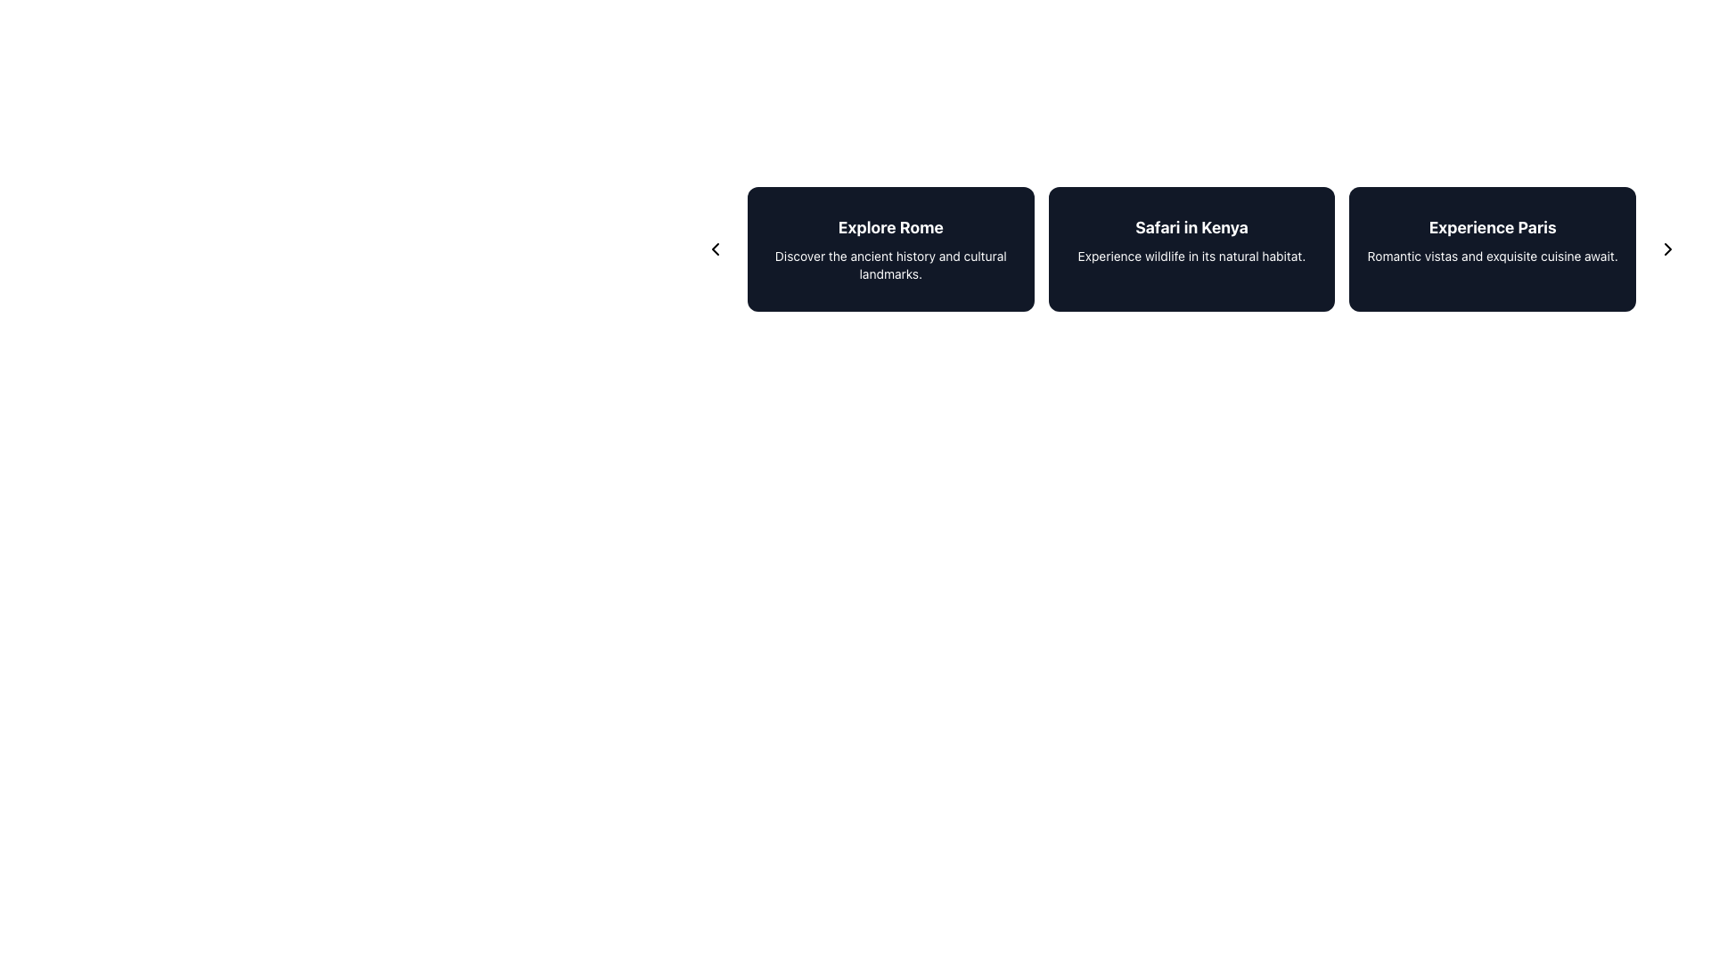  I want to click on the Informational card for 'Explore Rome', which is the first card in a grid layout, located towards the upper-middle section of the interface, so click(890, 249).